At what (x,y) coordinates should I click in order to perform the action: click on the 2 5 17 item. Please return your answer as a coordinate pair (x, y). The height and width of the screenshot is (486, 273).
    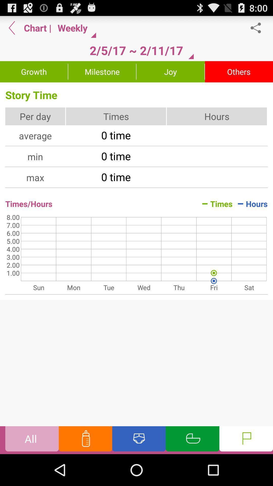
    Looking at the image, I should click on (136, 50).